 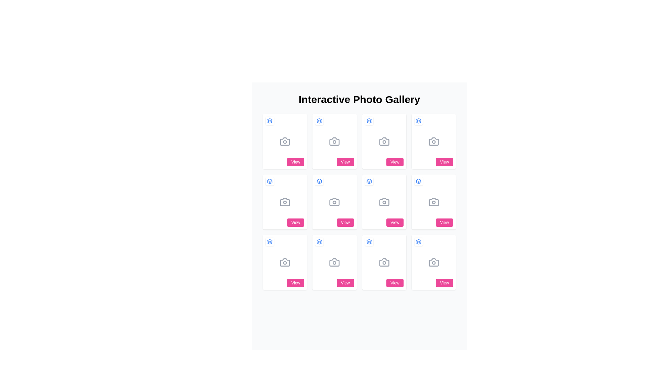 I want to click on the primary camera icon, which is a minimalistic gray outline of a camera located centrally in the ninth card of a three-by-four grid layout, positioned above a pink 'View' button, so click(x=384, y=201).